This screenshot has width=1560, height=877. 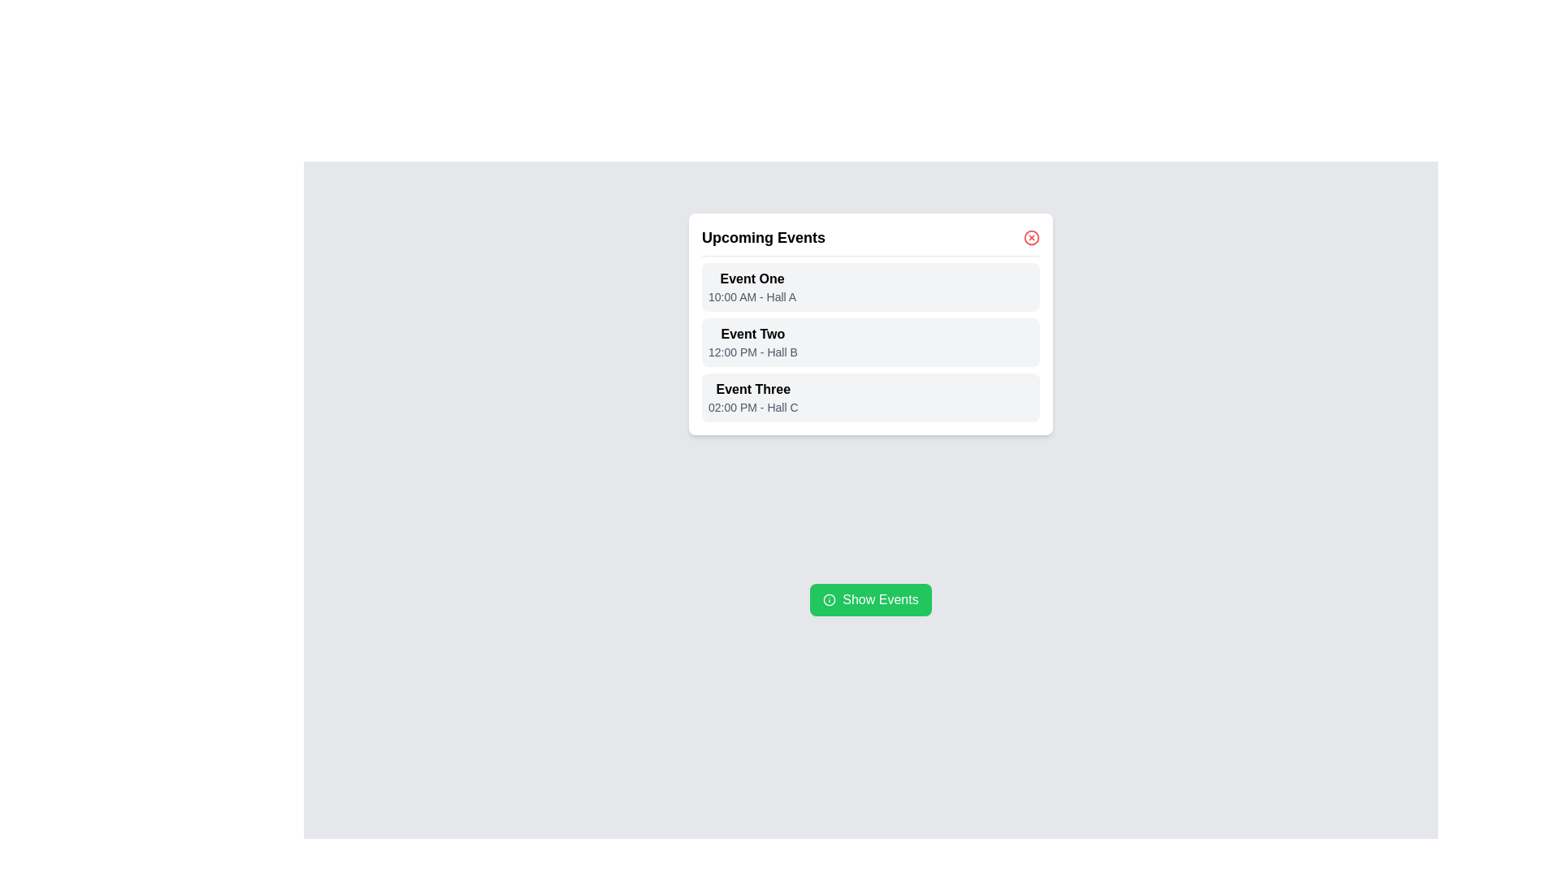 I want to click on the static text element displaying '12:00 PM - Hall B', which is styled with a smaller font size and light gray color, positioned below the bold title 'Event Two', so click(x=752, y=352).